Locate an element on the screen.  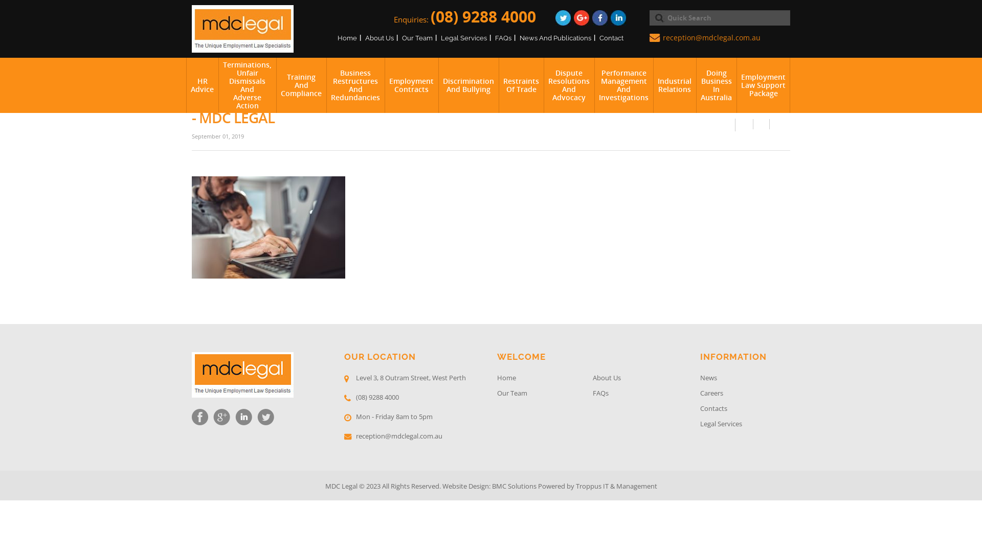
'Tweet this' is located at coordinates (761, 124).